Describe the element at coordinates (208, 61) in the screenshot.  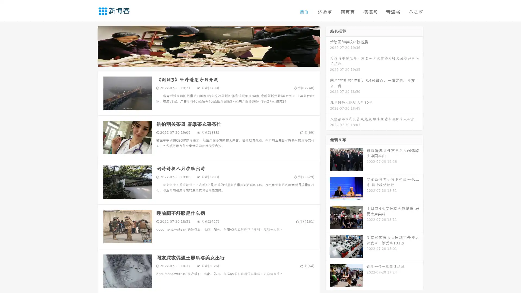
I see `Go to slide 2` at that location.